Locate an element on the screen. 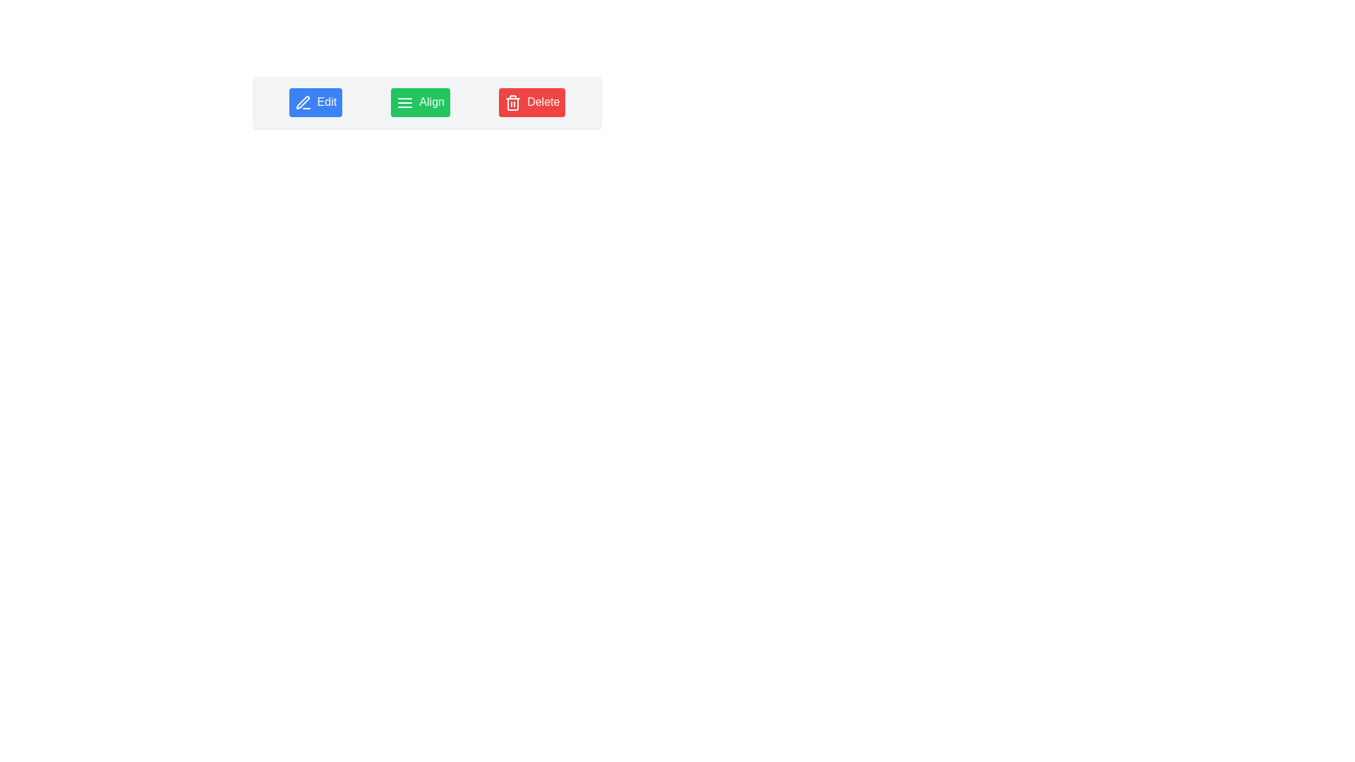 The image size is (1355, 762). the blue button with rounded corners that has a white pen icon and the text 'Edit' is located at coordinates (315, 102).